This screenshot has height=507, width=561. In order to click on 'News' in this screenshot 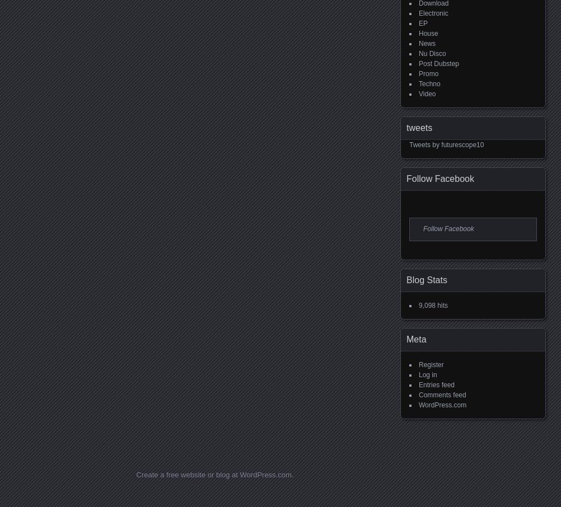, I will do `click(427, 44)`.